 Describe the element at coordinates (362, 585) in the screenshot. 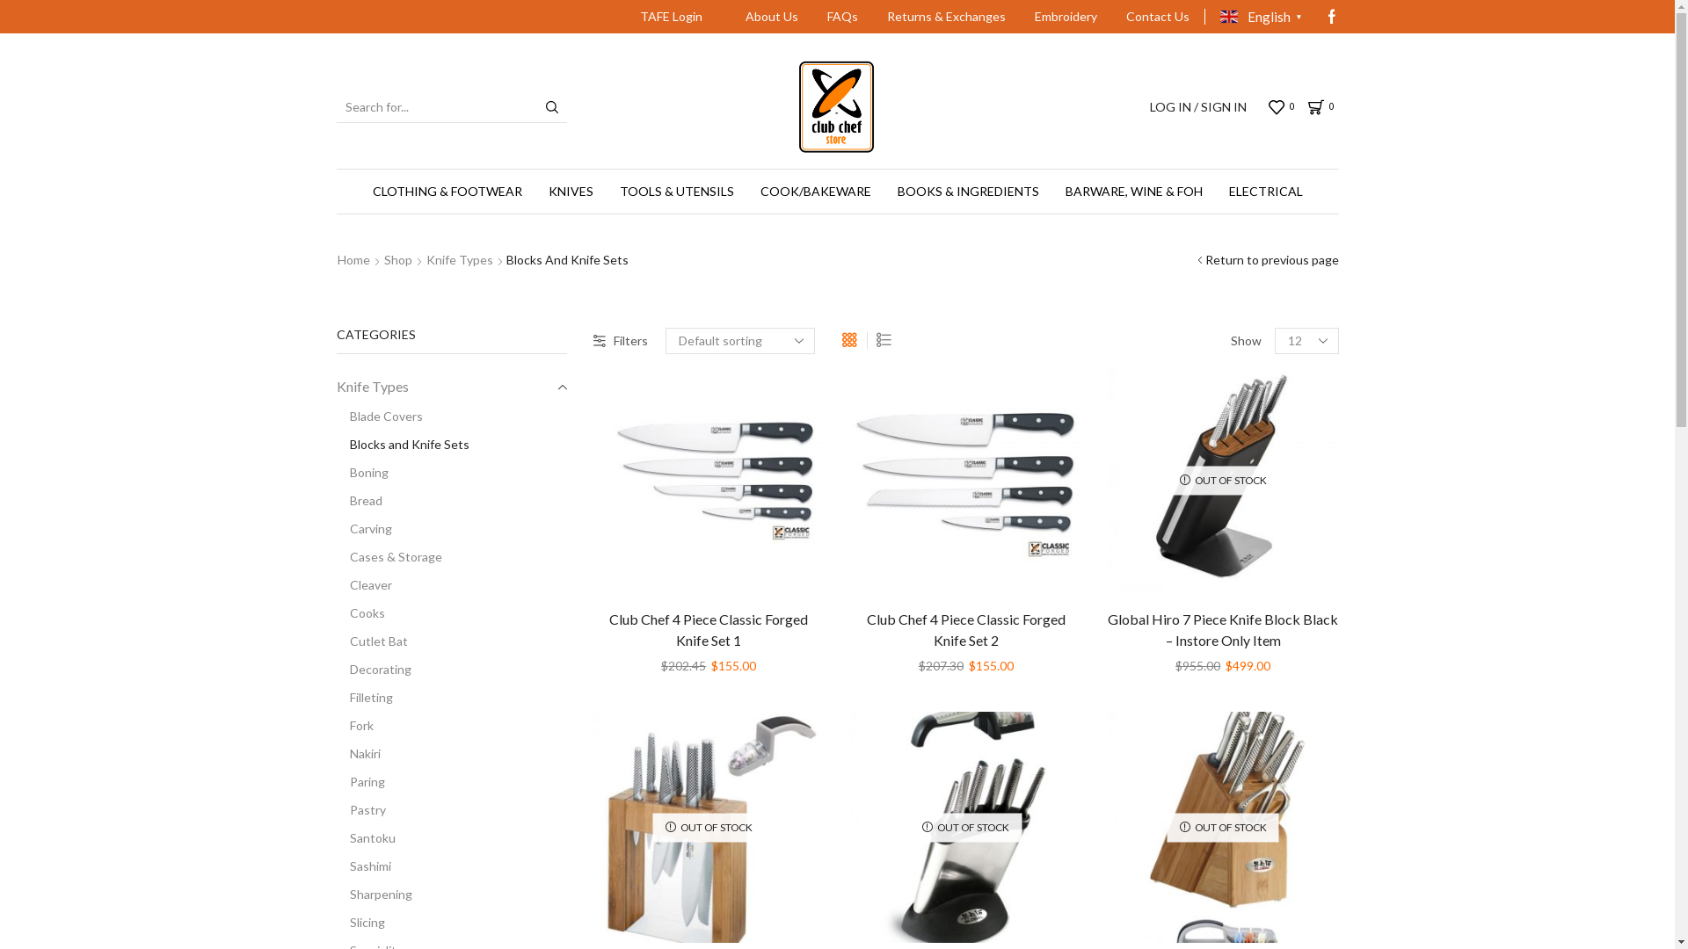

I see `'Cleaver'` at that location.